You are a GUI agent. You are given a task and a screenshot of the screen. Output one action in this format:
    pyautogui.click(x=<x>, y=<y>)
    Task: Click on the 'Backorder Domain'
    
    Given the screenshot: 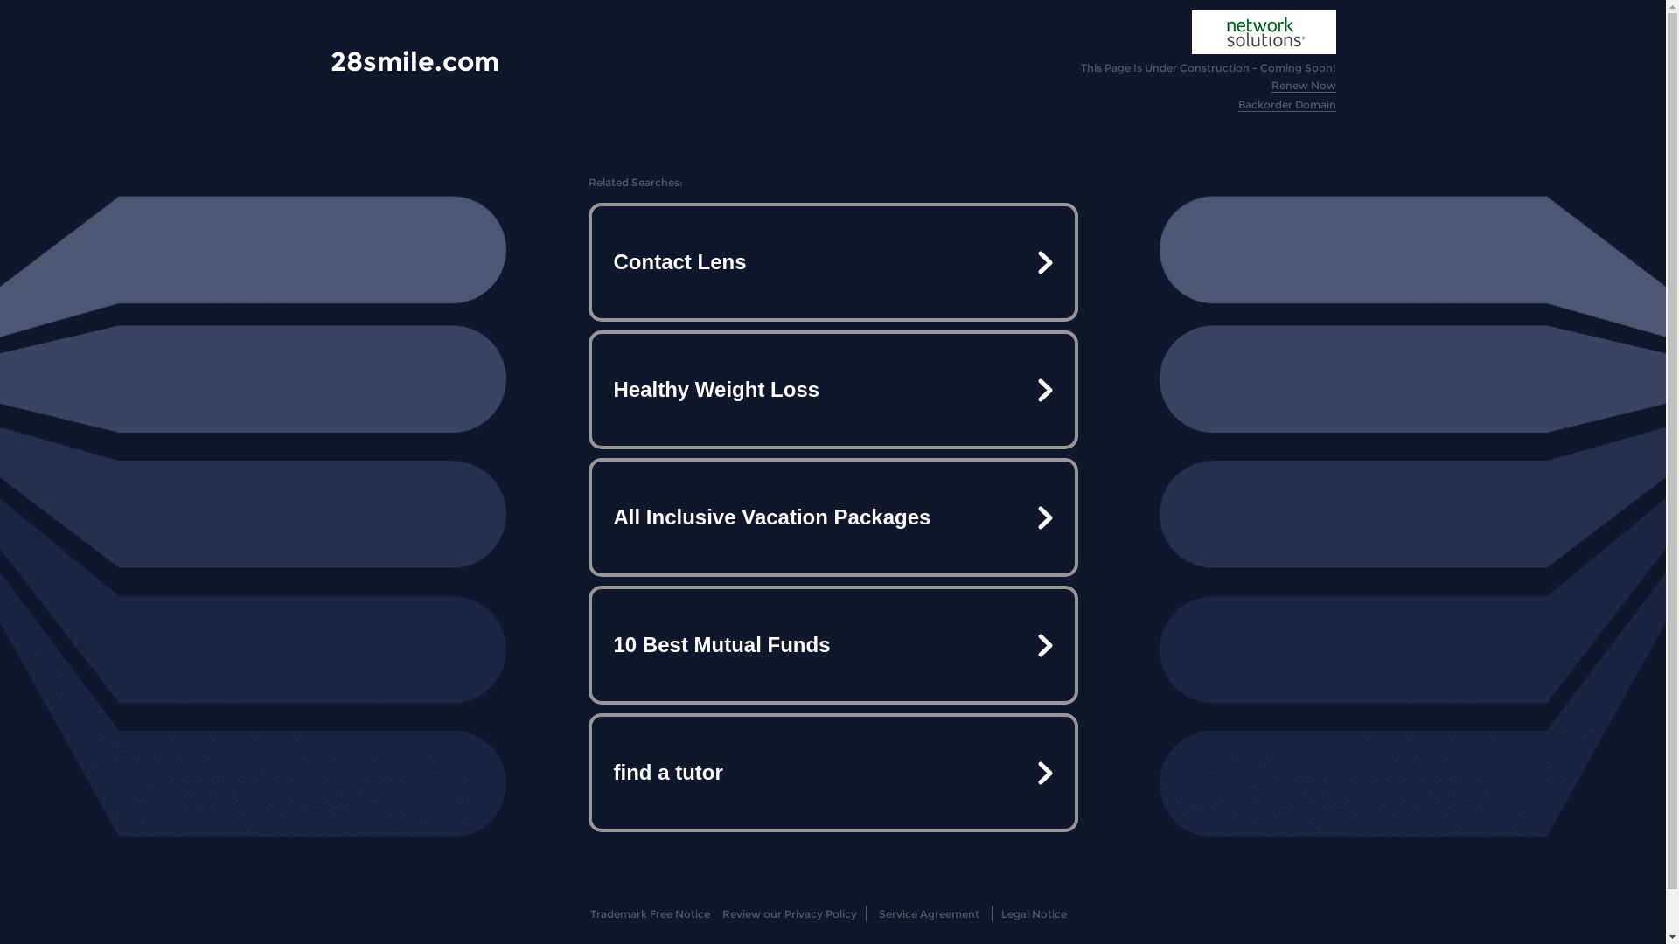 What is the action you would take?
    pyautogui.click(x=1287, y=104)
    